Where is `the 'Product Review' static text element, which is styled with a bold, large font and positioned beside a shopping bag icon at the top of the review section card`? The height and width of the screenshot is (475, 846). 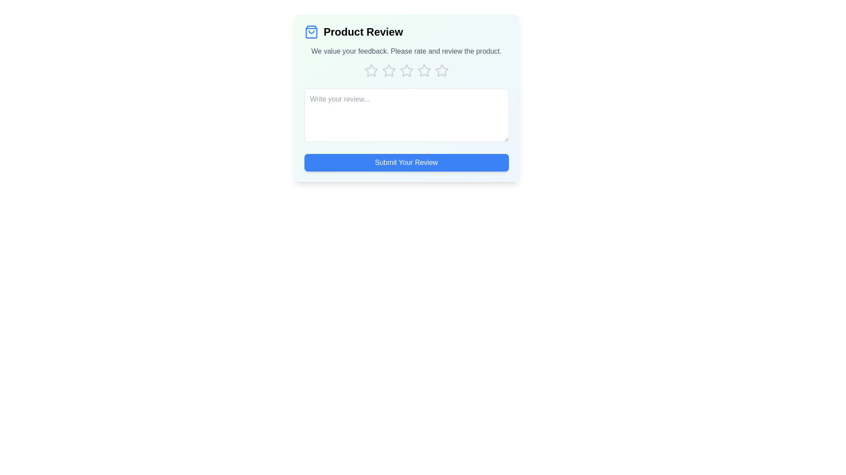
the 'Product Review' static text element, which is styled with a bold, large font and positioned beside a shopping bag icon at the top of the review section card is located at coordinates (363, 32).